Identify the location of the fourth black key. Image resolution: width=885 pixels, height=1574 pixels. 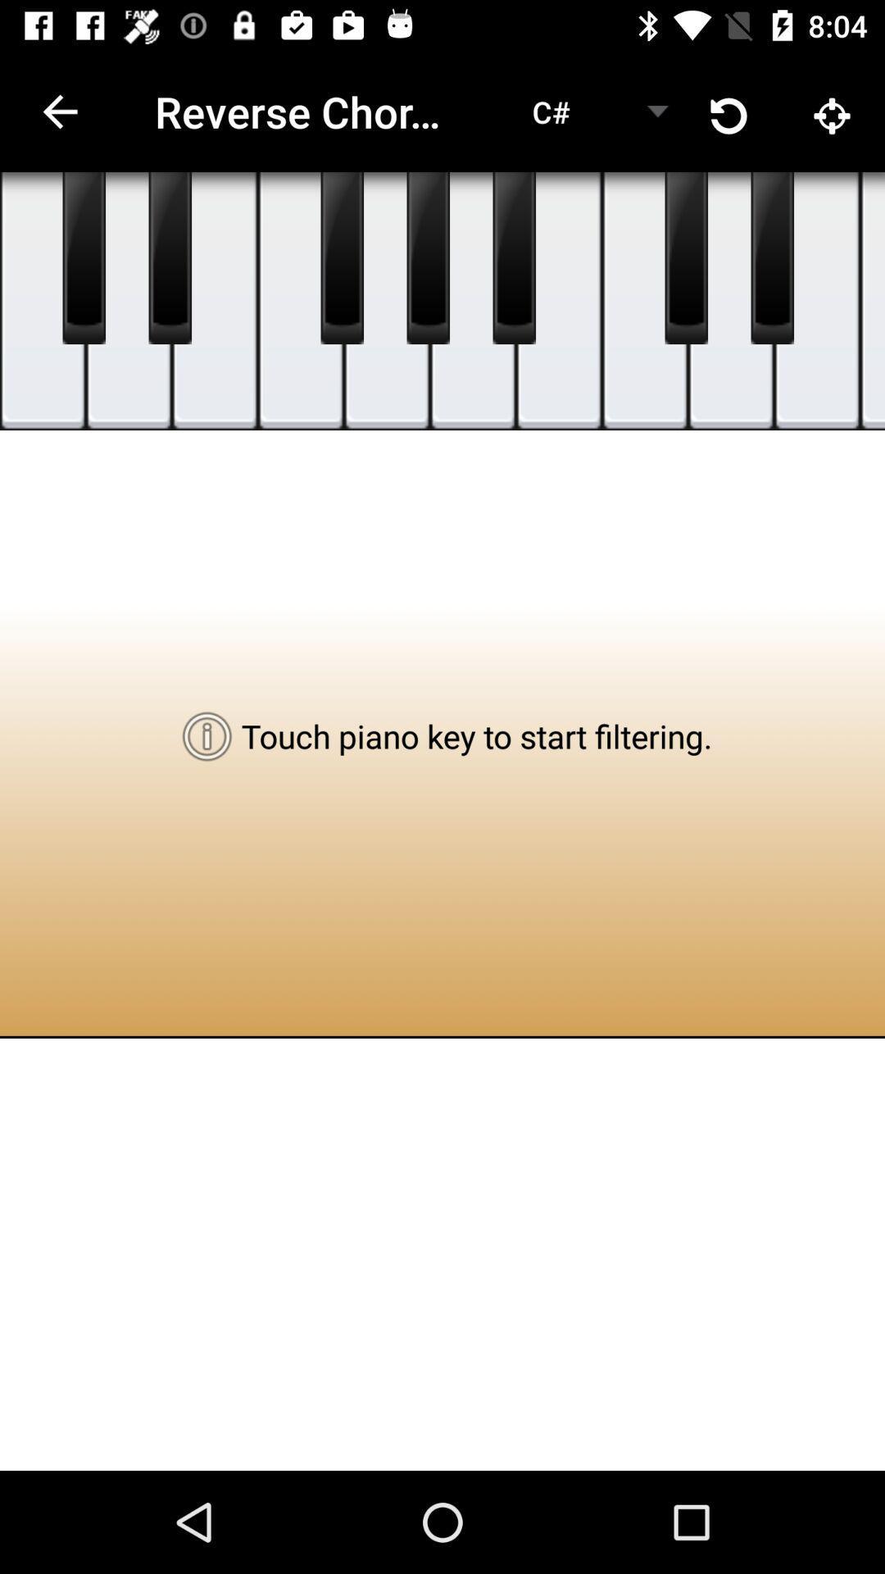
(427, 257).